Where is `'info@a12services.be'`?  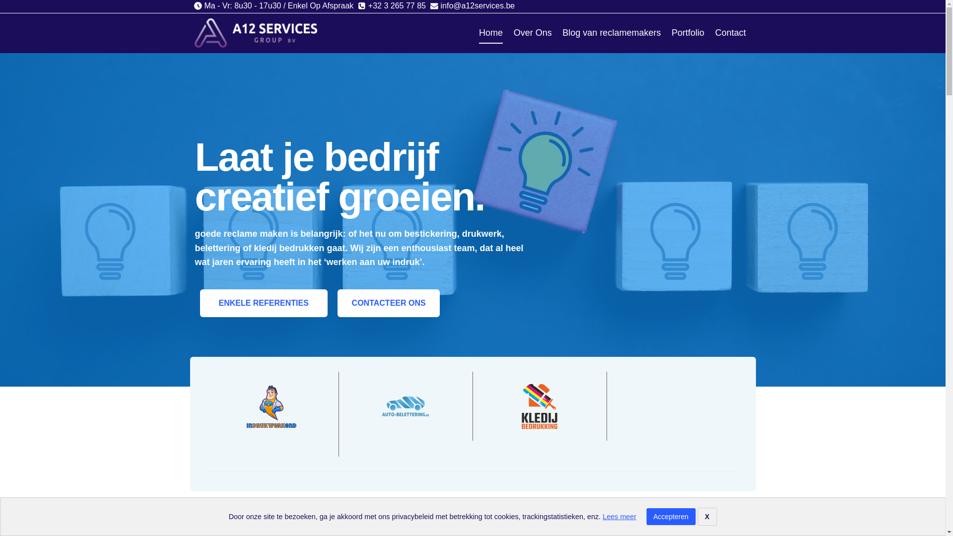 'info@a12services.be' is located at coordinates (472, 6).